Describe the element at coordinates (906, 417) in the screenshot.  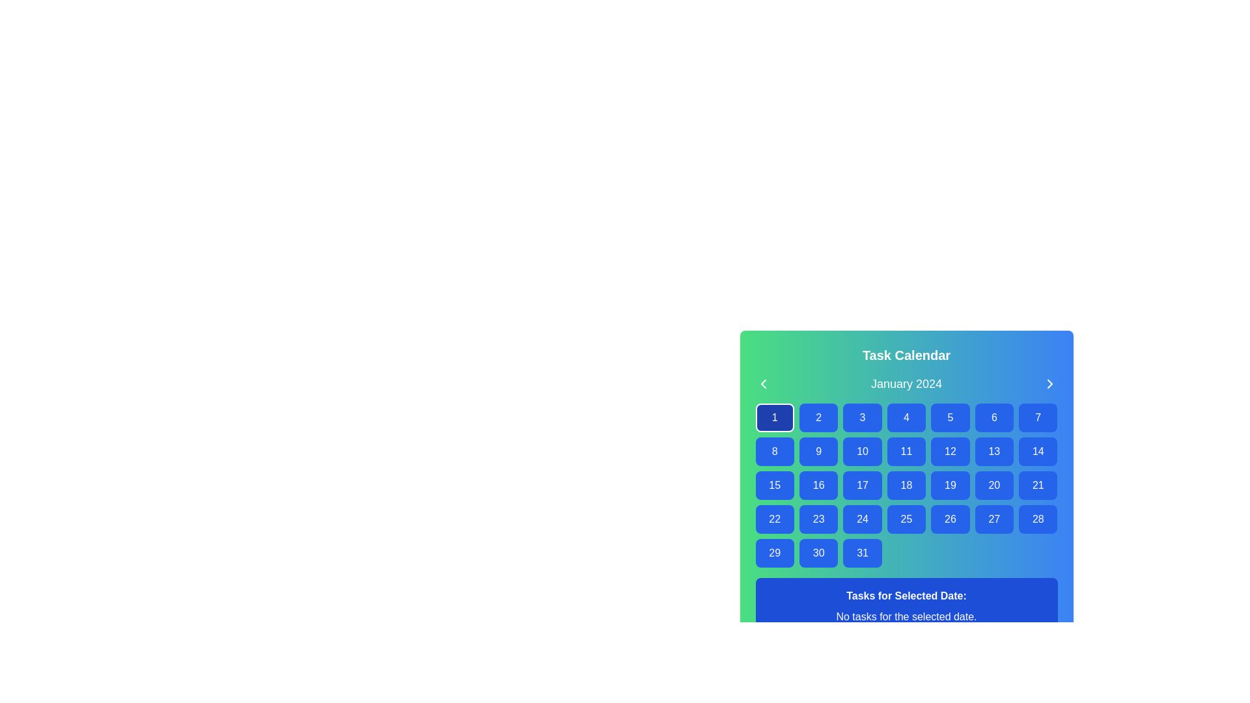
I see `the blue button displaying the number '4'` at that location.